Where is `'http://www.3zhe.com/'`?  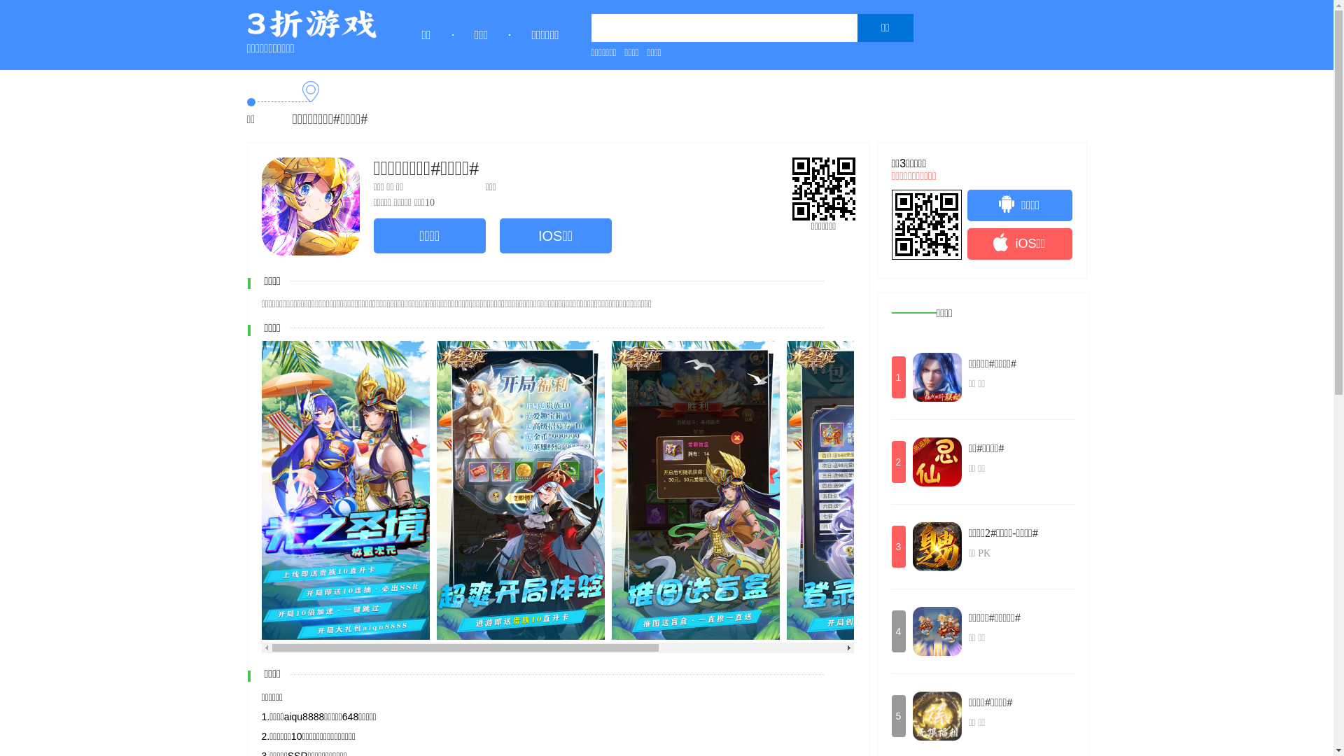 'http://www.3zhe.com/' is located at coordinates (927, 223).